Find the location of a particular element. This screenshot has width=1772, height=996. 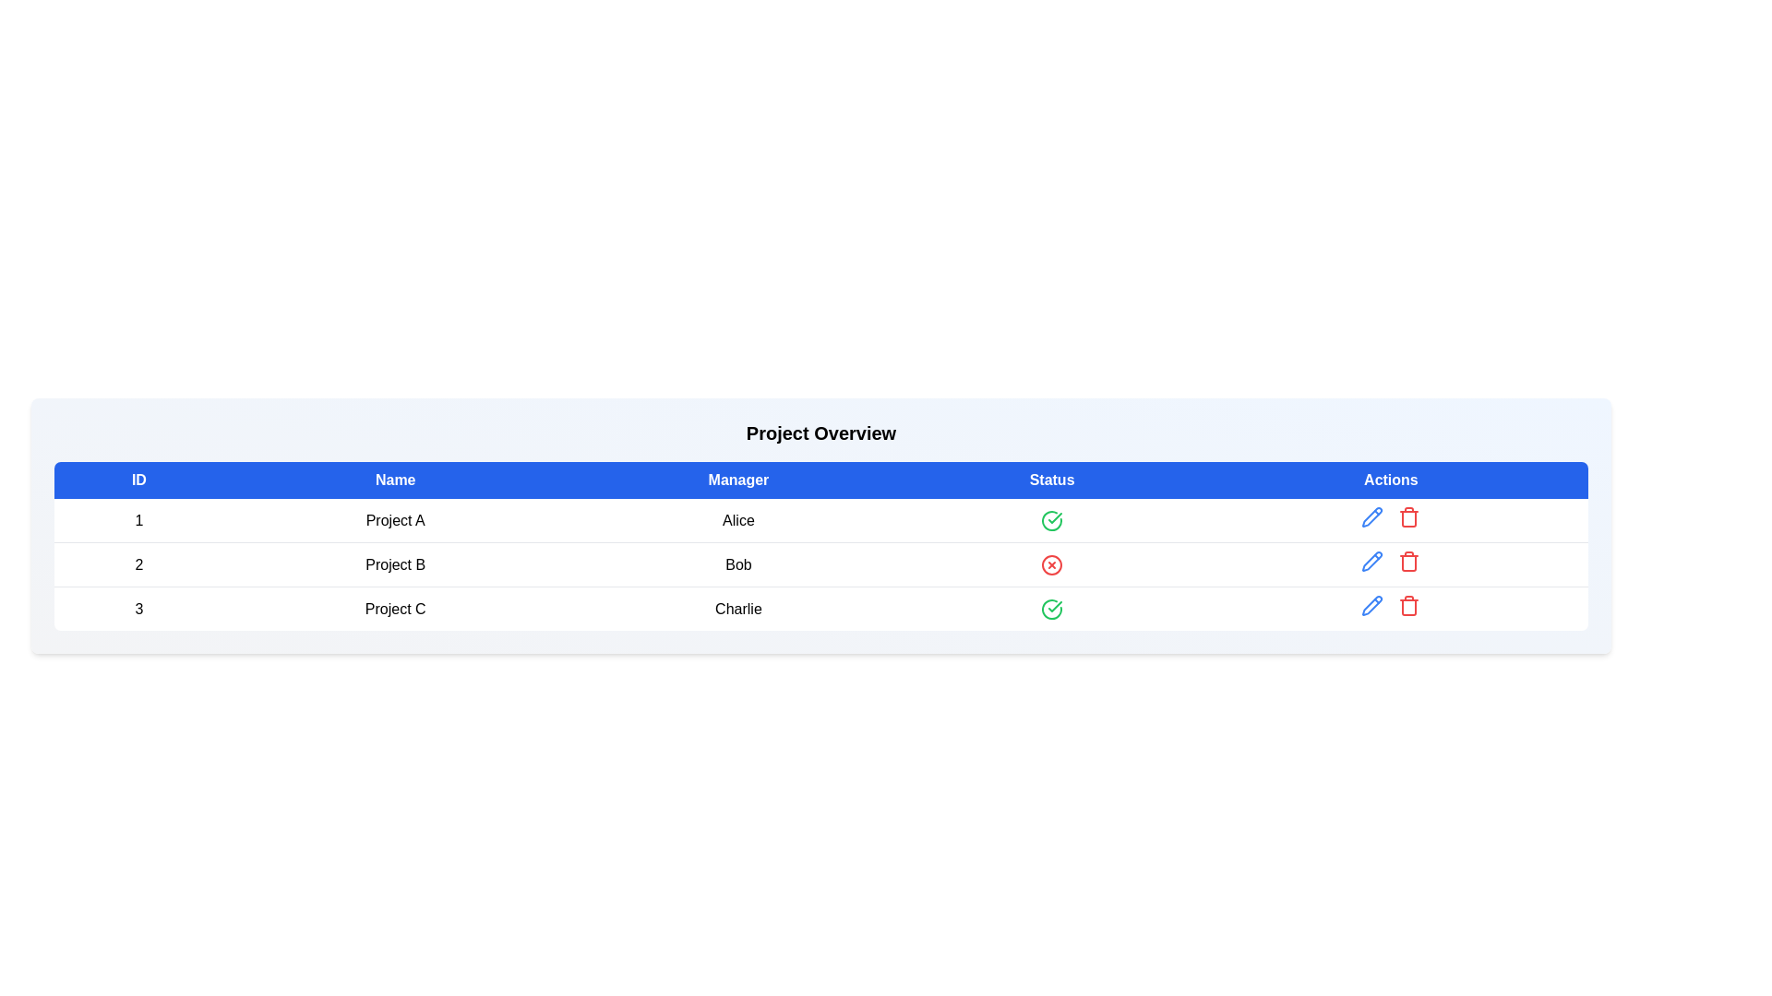

the Text label displaying the project ID located in the second row, first column of the 'Project Overview' table is located at coordinates (138, 563).